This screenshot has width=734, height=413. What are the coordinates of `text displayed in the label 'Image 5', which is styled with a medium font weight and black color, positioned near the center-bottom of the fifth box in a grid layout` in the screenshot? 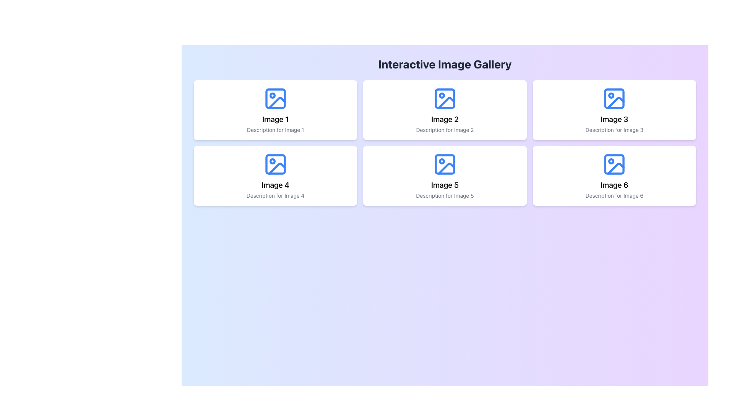 It's located at (445, 185).